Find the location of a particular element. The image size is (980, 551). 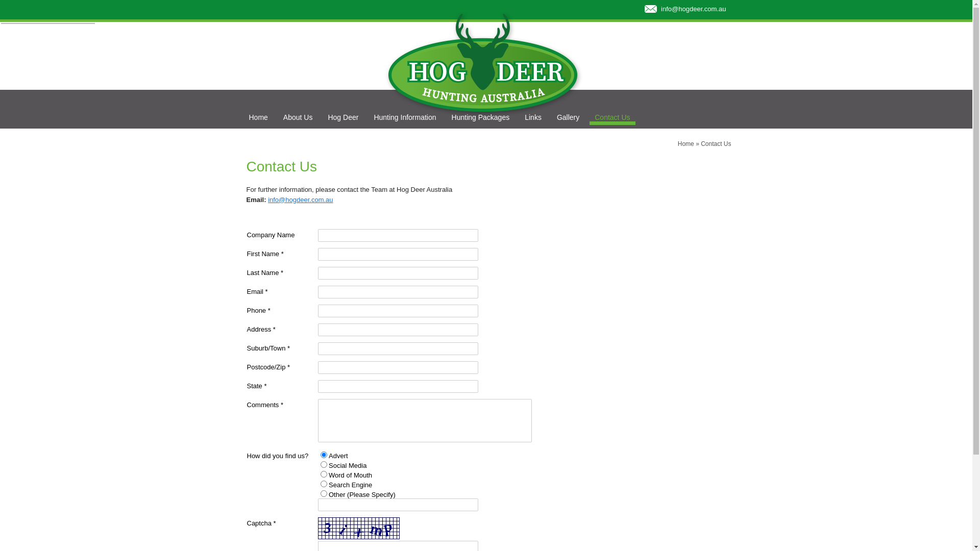

'Hog Deer Hunting Australia' is located at coordinates (482, 61).